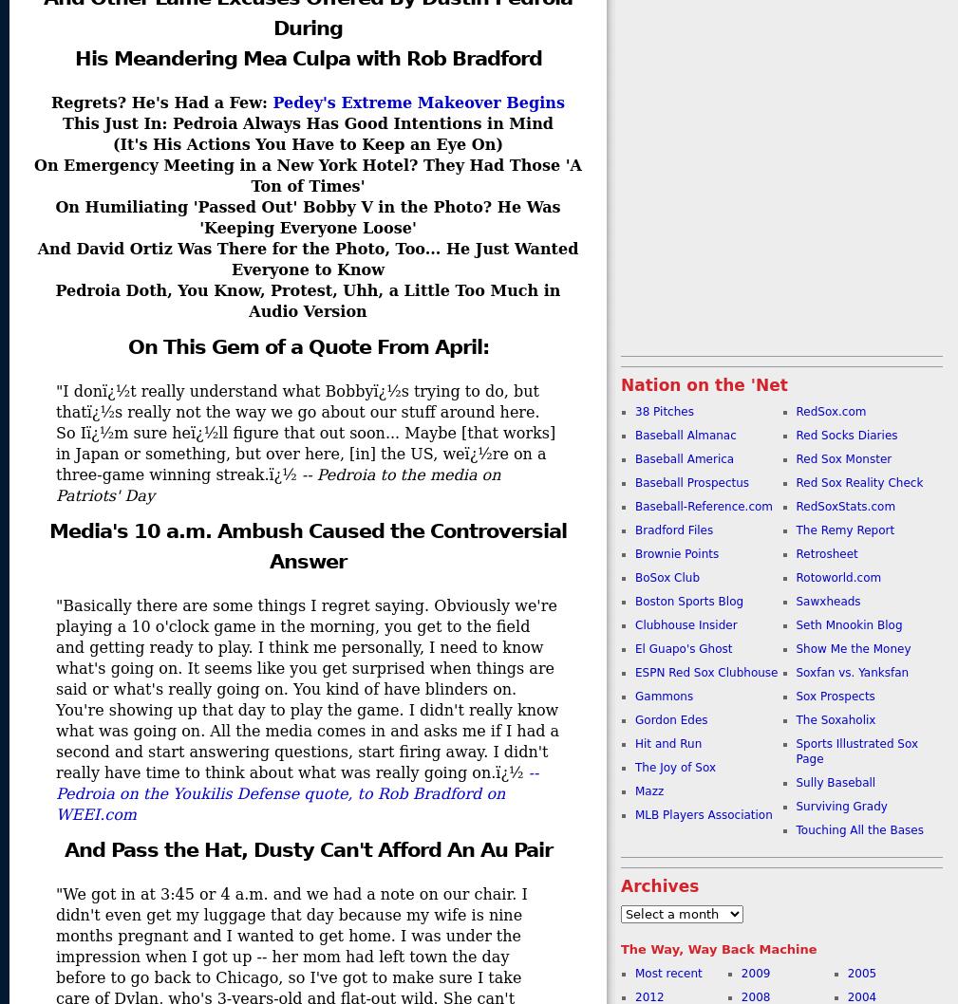 The height and width of the screenshot is (1004, 958). Describe the element at coordinates (671, 720) in the screenshot. I see `'Gordon Edes'` at that location.